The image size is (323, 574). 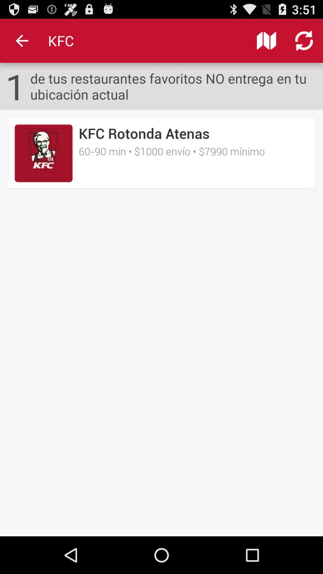 What do you see at coordinates (43, 153) in the screenshot?
I see `the item below the 1 icon` at bounding box center [43, 153].